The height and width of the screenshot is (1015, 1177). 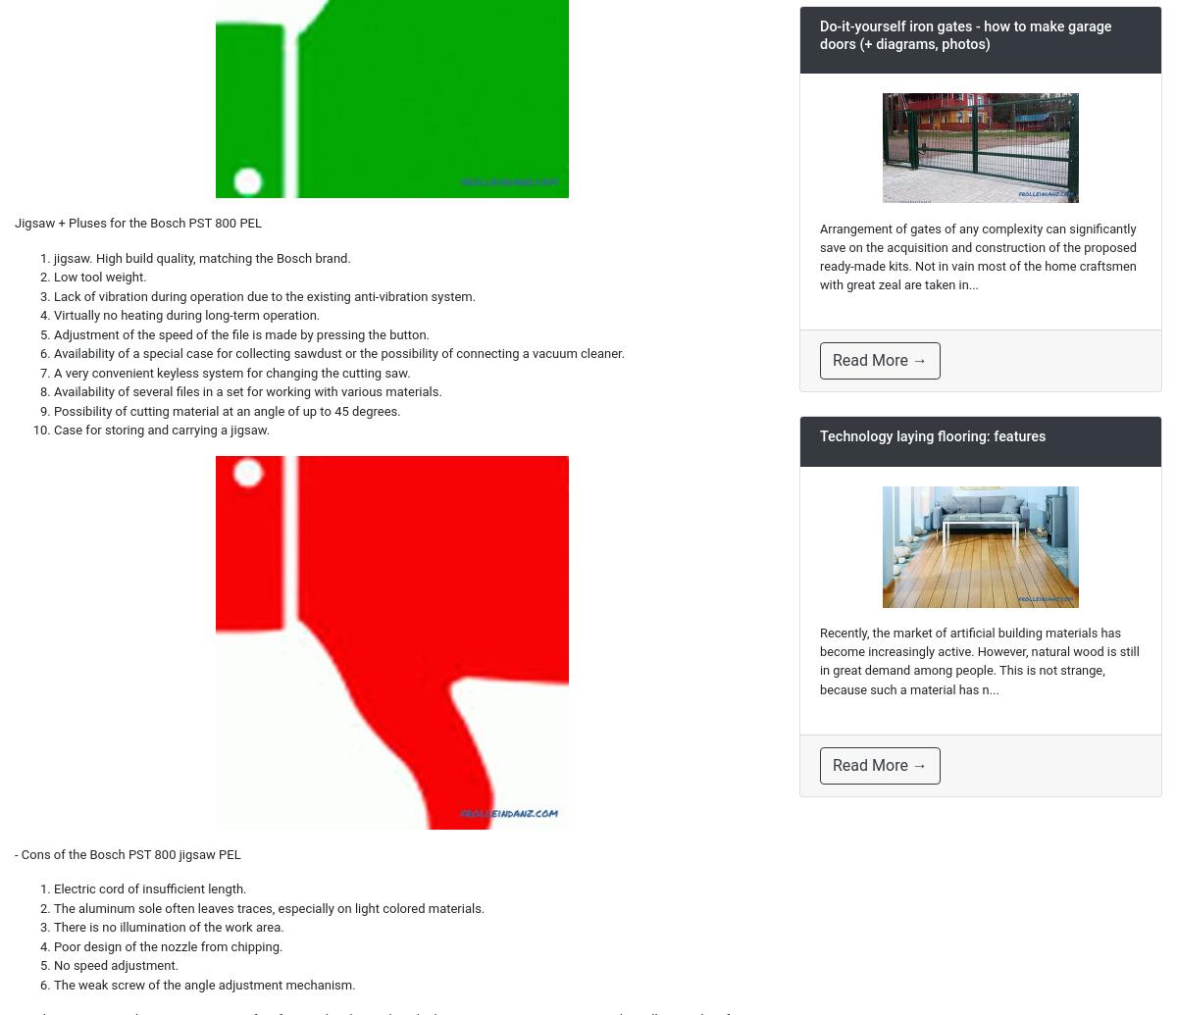 What do you see at coordinates (167, 926) in the screenshot?
I see `'There is no illumination of the work area.'` at bounding box center [167, 926].